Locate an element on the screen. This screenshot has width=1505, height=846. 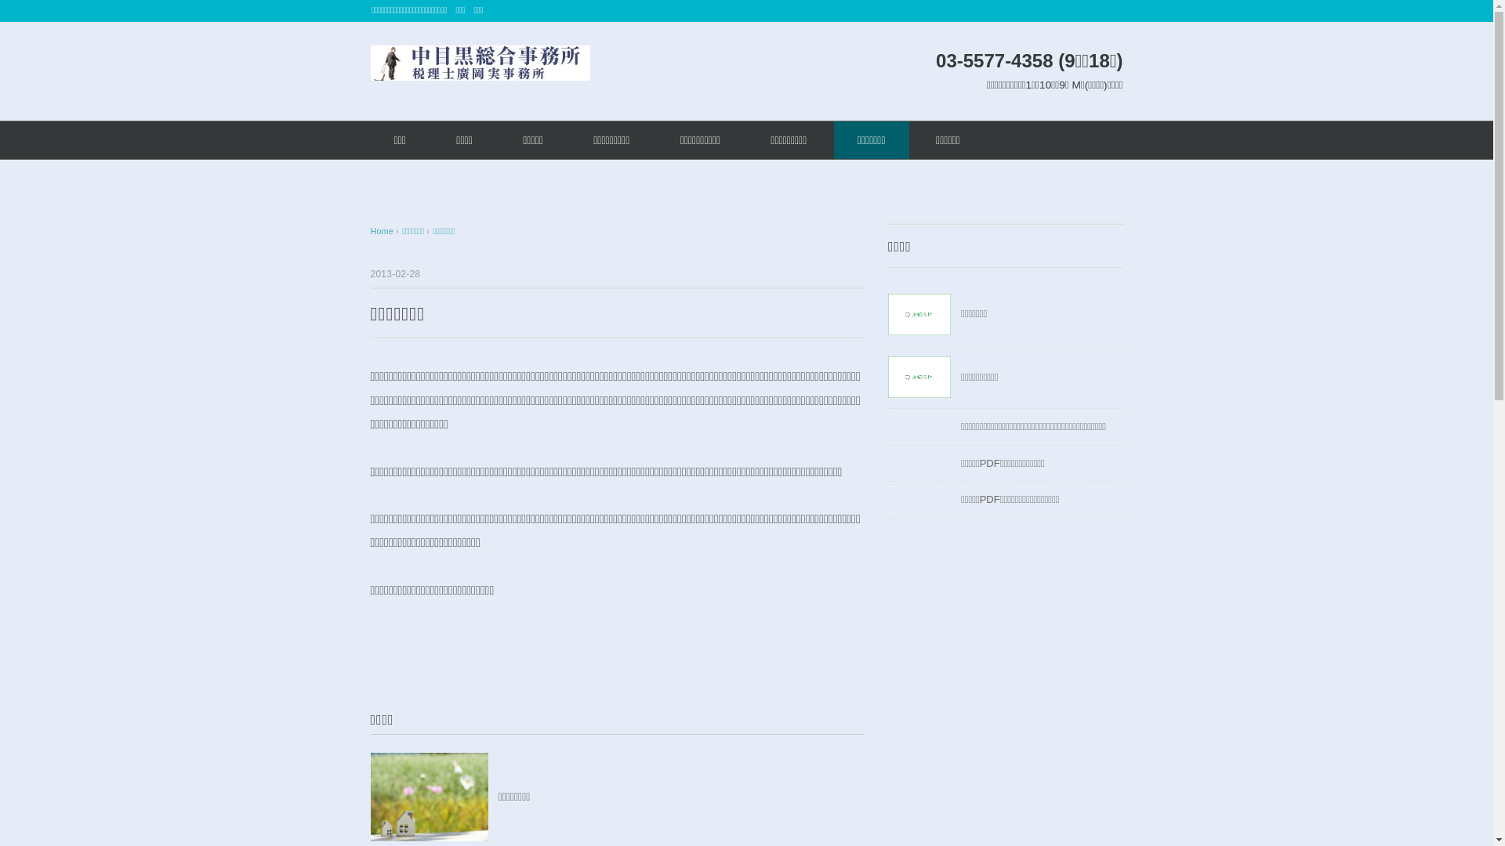
'Home' is located at coordinates (383, 230).